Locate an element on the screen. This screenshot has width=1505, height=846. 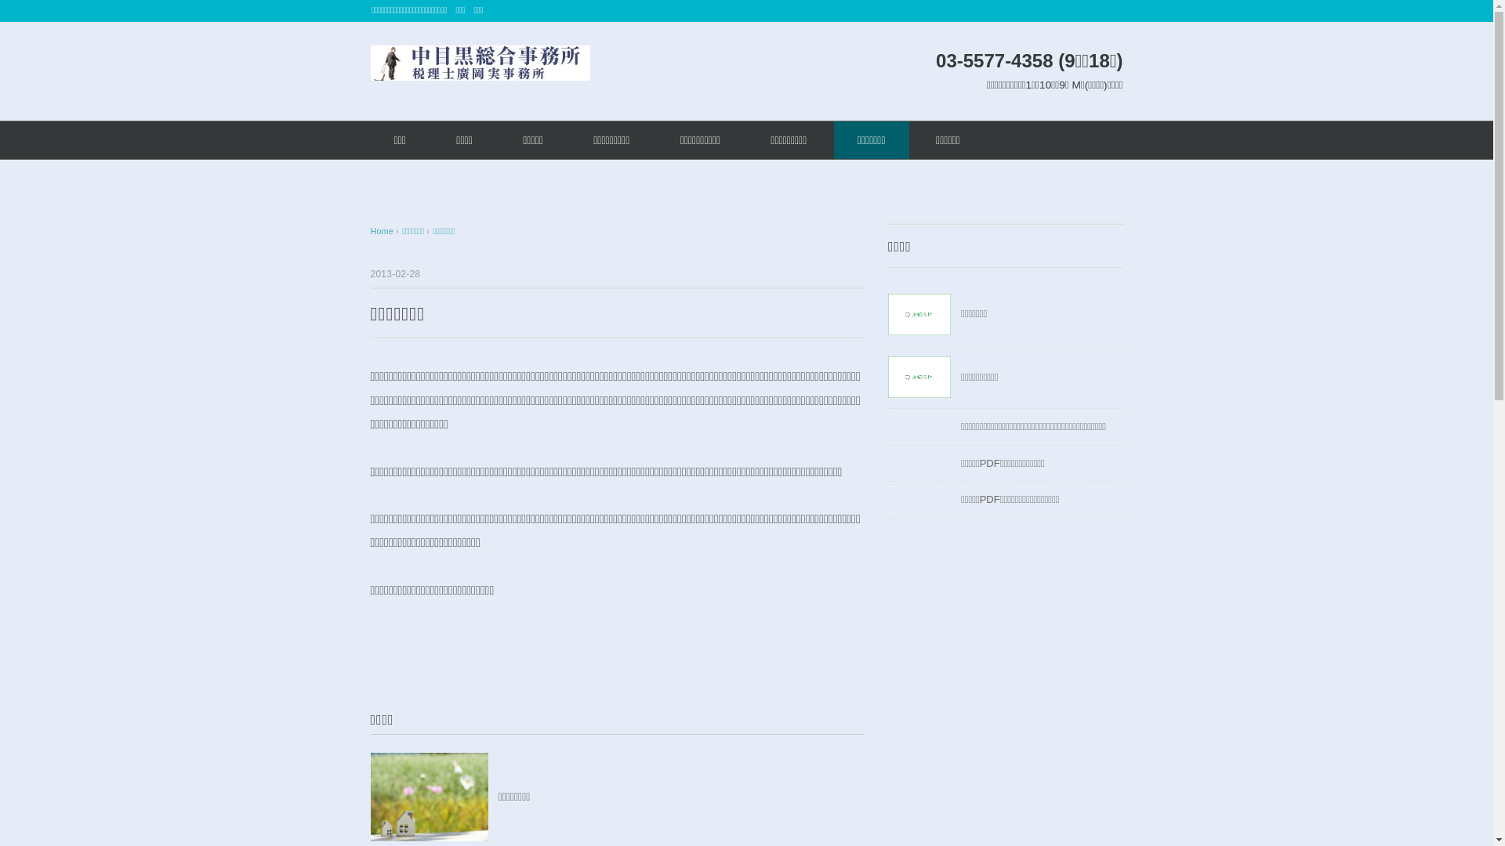
'Home' is located at coordinates (383, 230).